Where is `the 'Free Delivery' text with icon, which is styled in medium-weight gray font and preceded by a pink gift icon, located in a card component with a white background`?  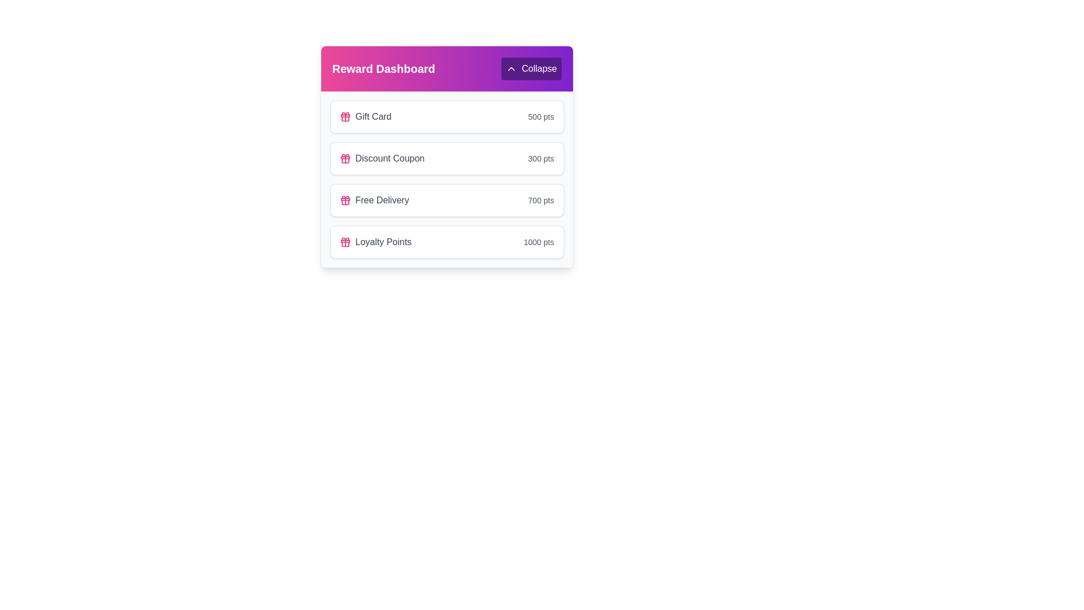
the 'Free Delivery' text with icon, which is styled in medium-weight gray font and preceded by a pink gift icon, located in a card component with a white background is located at coordinates (374, 199).